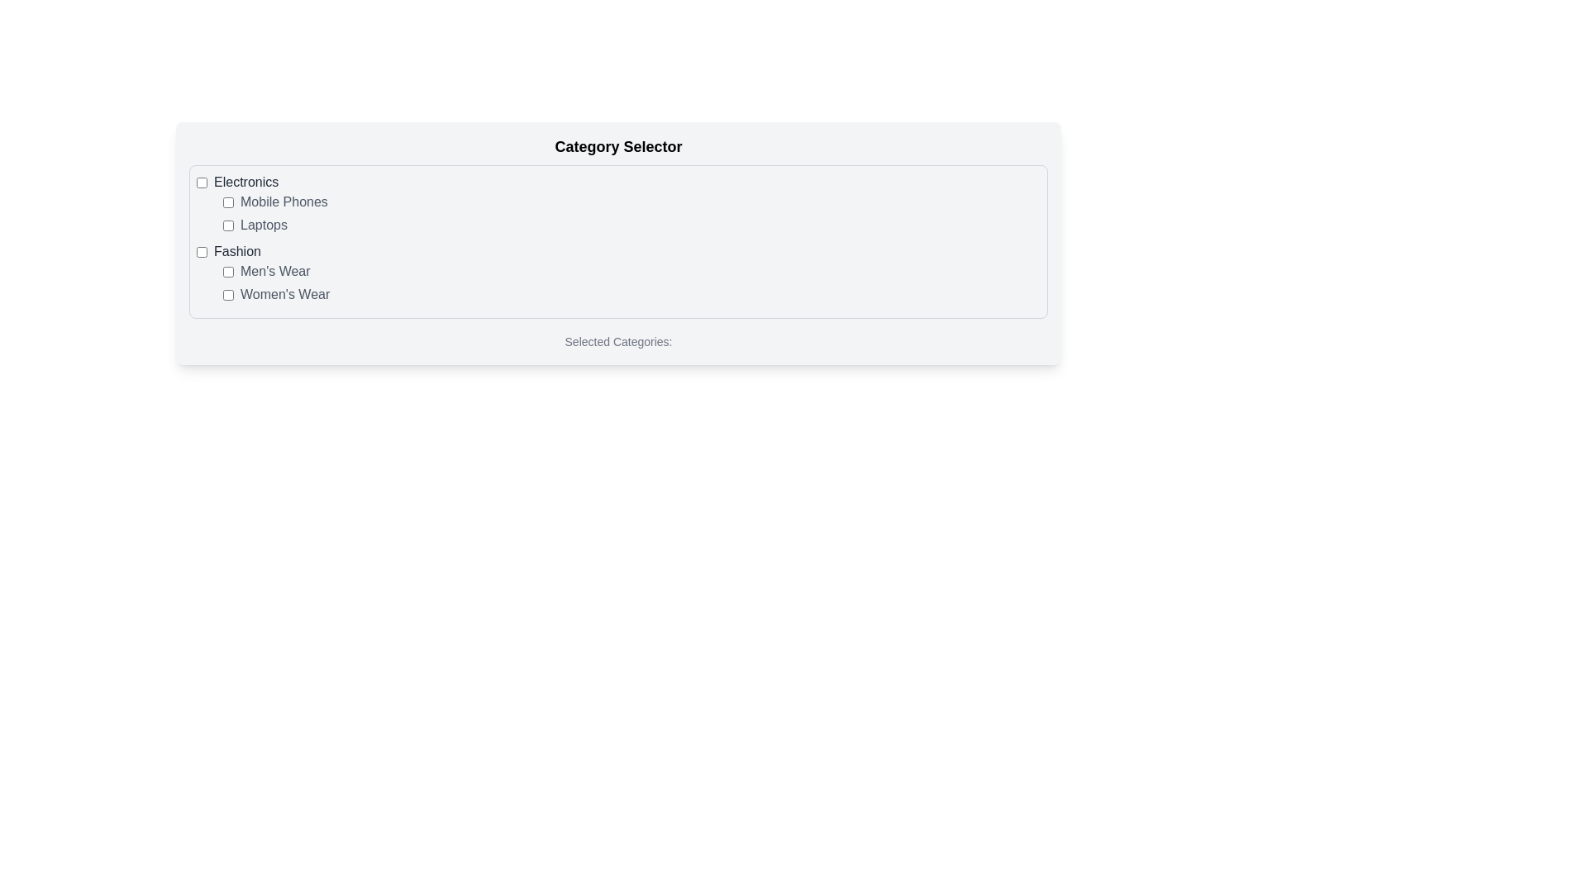  Describe the element at coordinates (227, 225) in the screenshot. I see `the checkbox for the 'Laptops' category` at that location.